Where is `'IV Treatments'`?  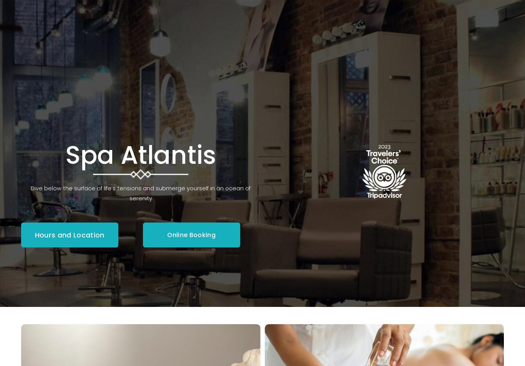 'IV Treatments' is located at coordinates (208, 119).